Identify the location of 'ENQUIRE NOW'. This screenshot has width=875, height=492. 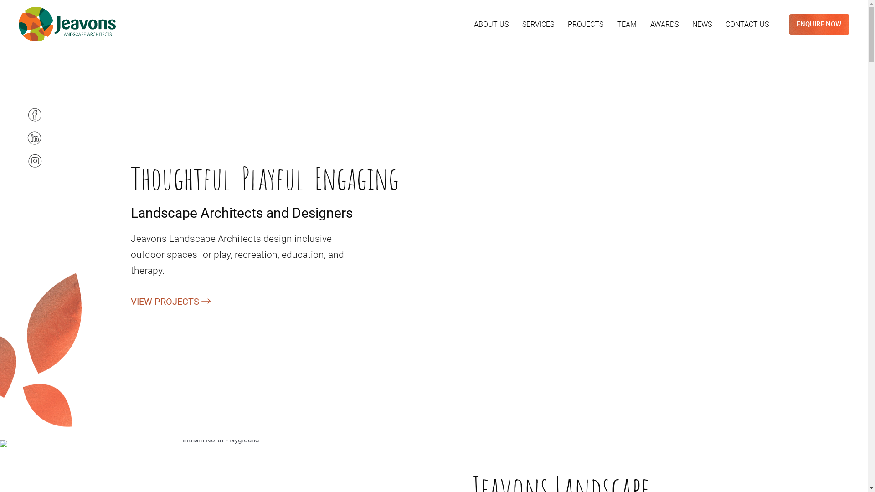
(819, 23).